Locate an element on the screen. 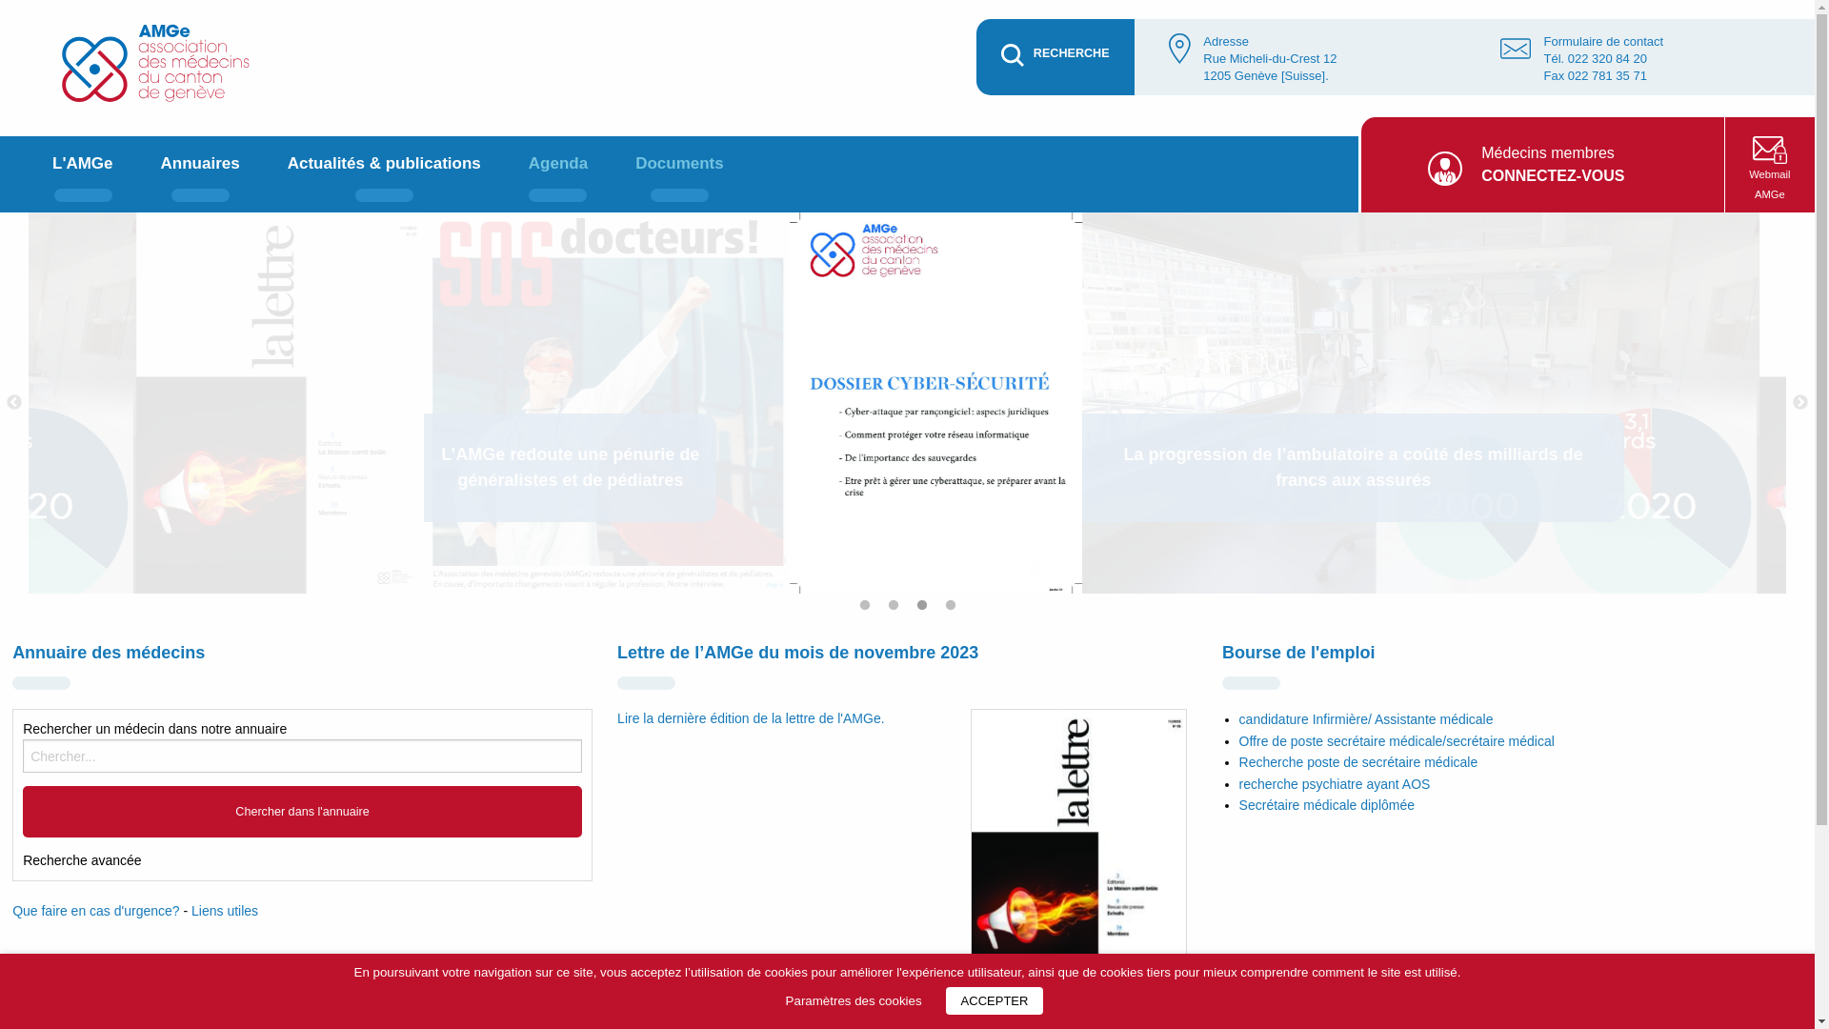 This screenshot has width=1829, height=1029. 'Annuaires' is located at coordinates (200, 173).